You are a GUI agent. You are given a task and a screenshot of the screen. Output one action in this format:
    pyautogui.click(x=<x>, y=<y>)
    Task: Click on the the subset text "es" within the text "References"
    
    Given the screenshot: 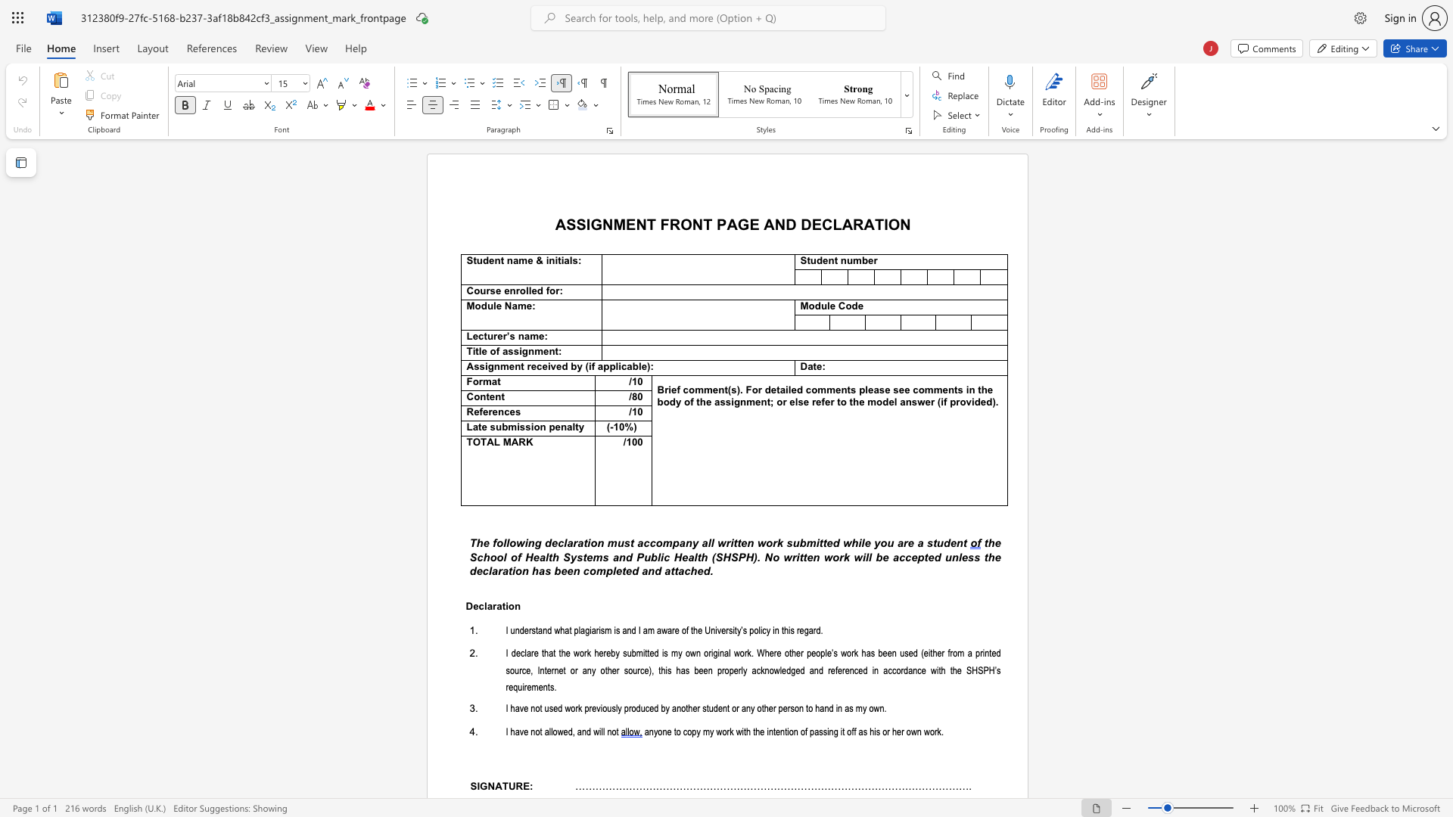 What is the action you would take?
    pyautogui.click(x=509, y=412)
    